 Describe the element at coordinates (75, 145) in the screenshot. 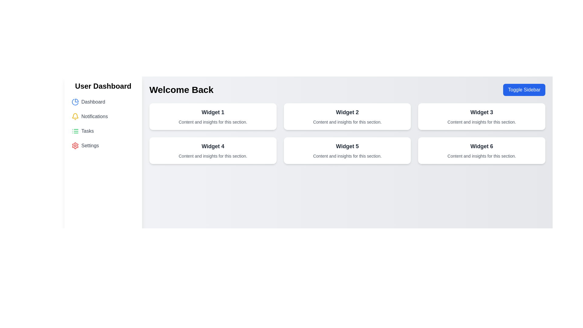

I see `the red gear-like icon representing the settings option in the vertical navigation menu for accessibility tools` at that location.